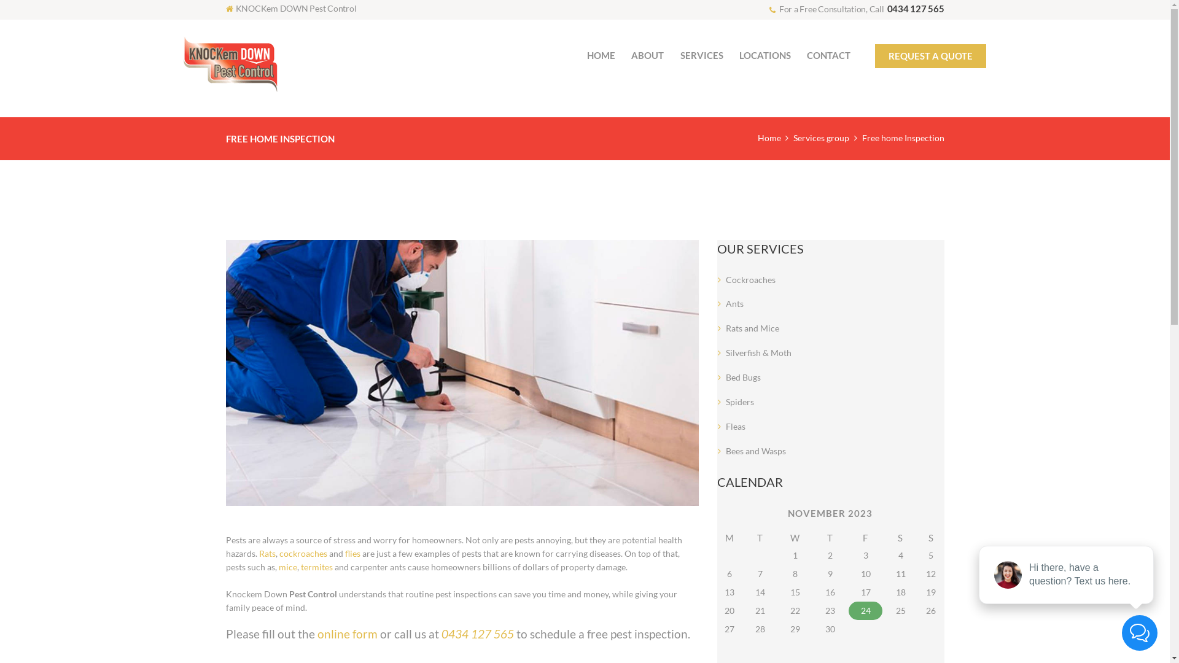 The image size is (1179, 663). Describe the element at coordinates (734, 303) in the screenshot. I see `'Ants'` at that location.